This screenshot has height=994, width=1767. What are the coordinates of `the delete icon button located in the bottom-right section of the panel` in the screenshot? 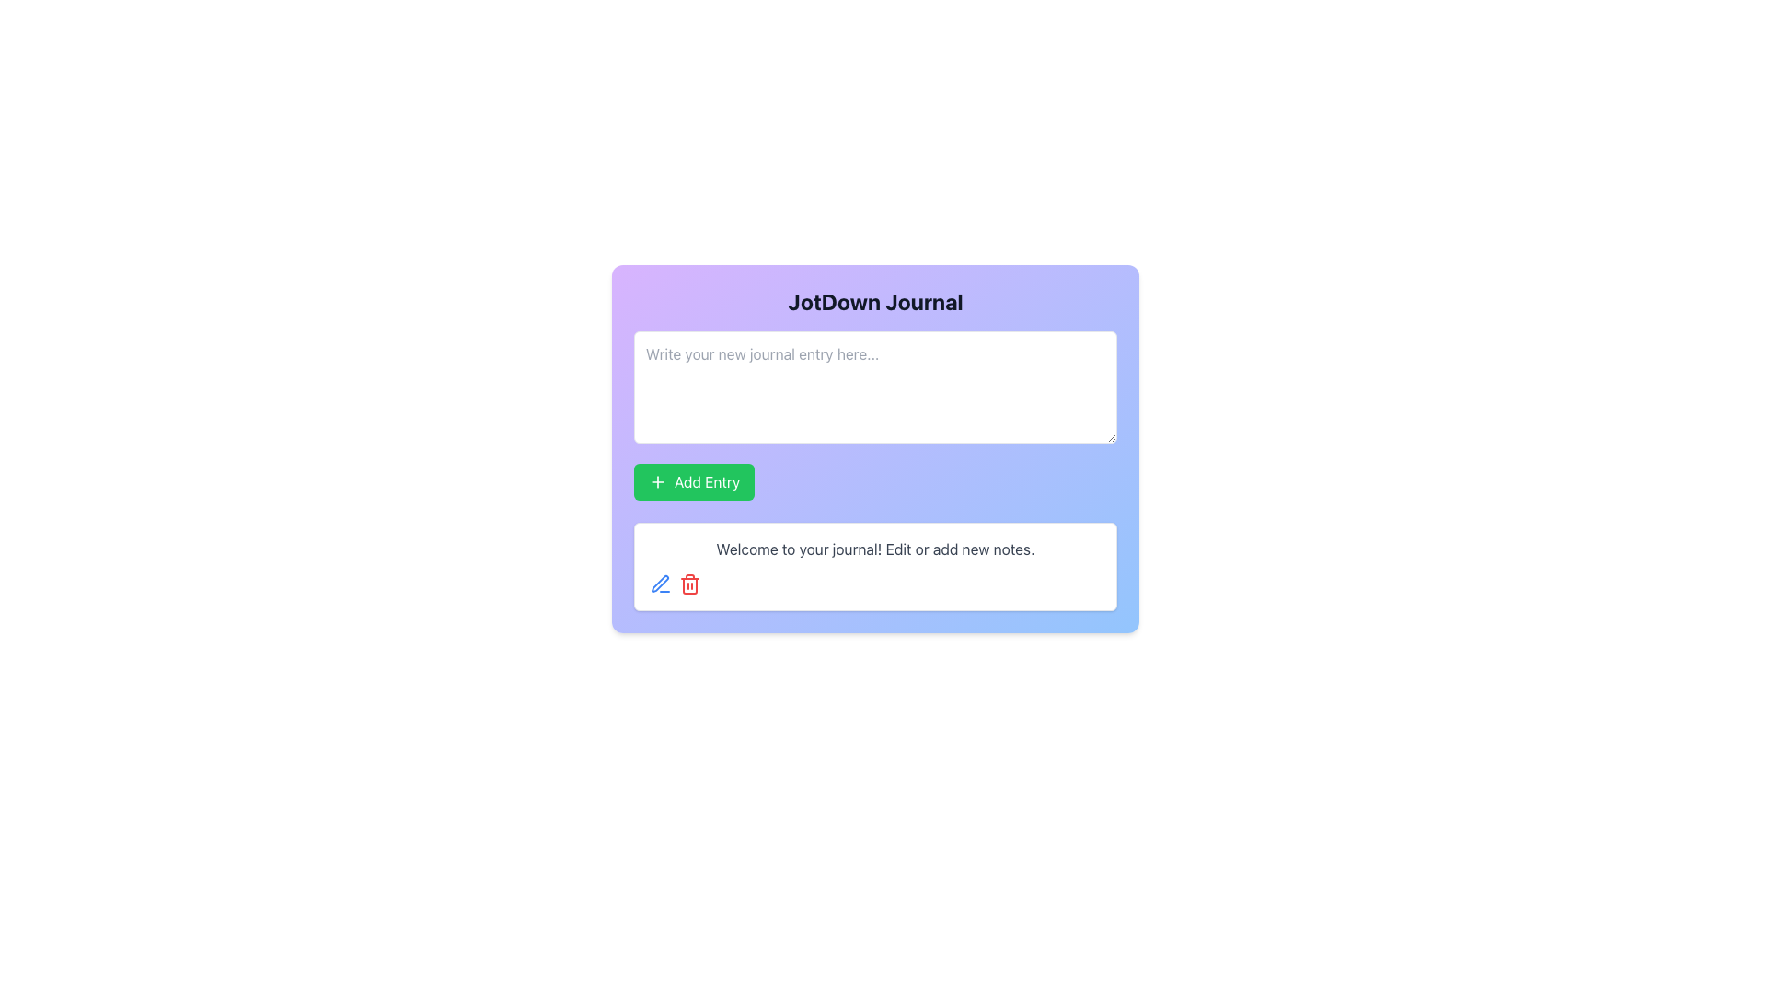 It's located at (688, 583).